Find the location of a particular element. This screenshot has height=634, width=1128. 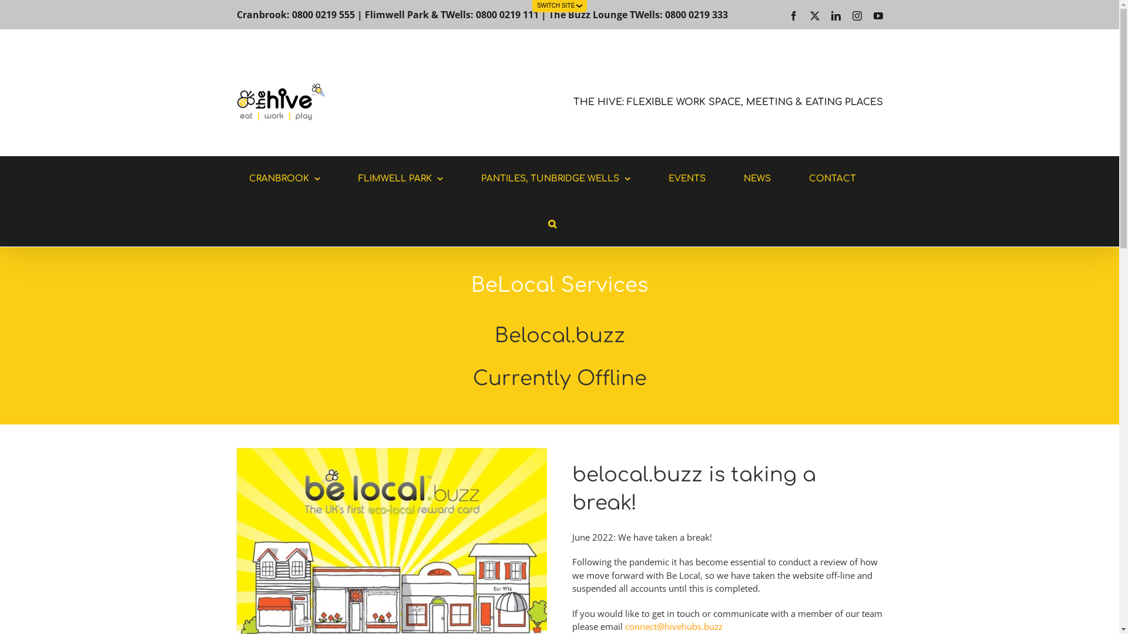

'PANTILES, TUNBRIDGE WELLS' is located at coordinates (555, 178).